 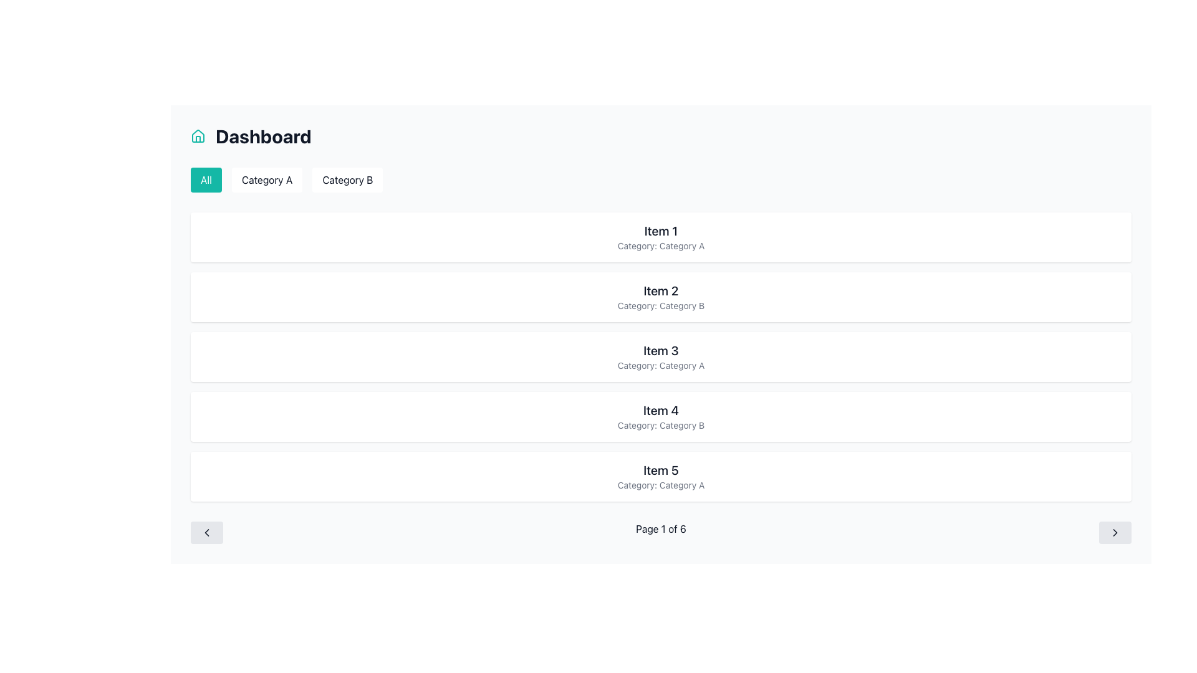 What do you see at coordinates (1115, 533) in the screenshot?
I see `the rightward-pointing chevron icon embedded within the pagination forward button` at bounding box center [1115, 533].